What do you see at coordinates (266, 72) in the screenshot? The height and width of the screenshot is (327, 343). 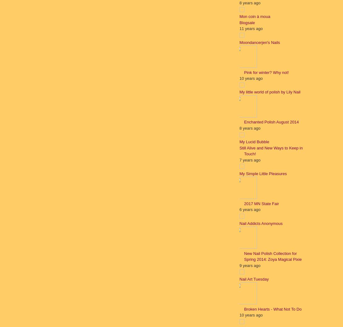 I see `'Pink for winter? Why not!'` at bounding box center [266, 72].